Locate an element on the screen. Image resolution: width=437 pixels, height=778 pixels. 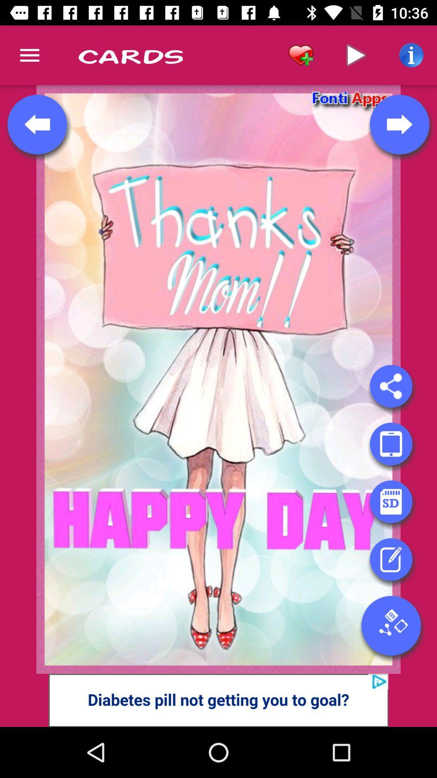
emoji is located at coordinates (390, 501).